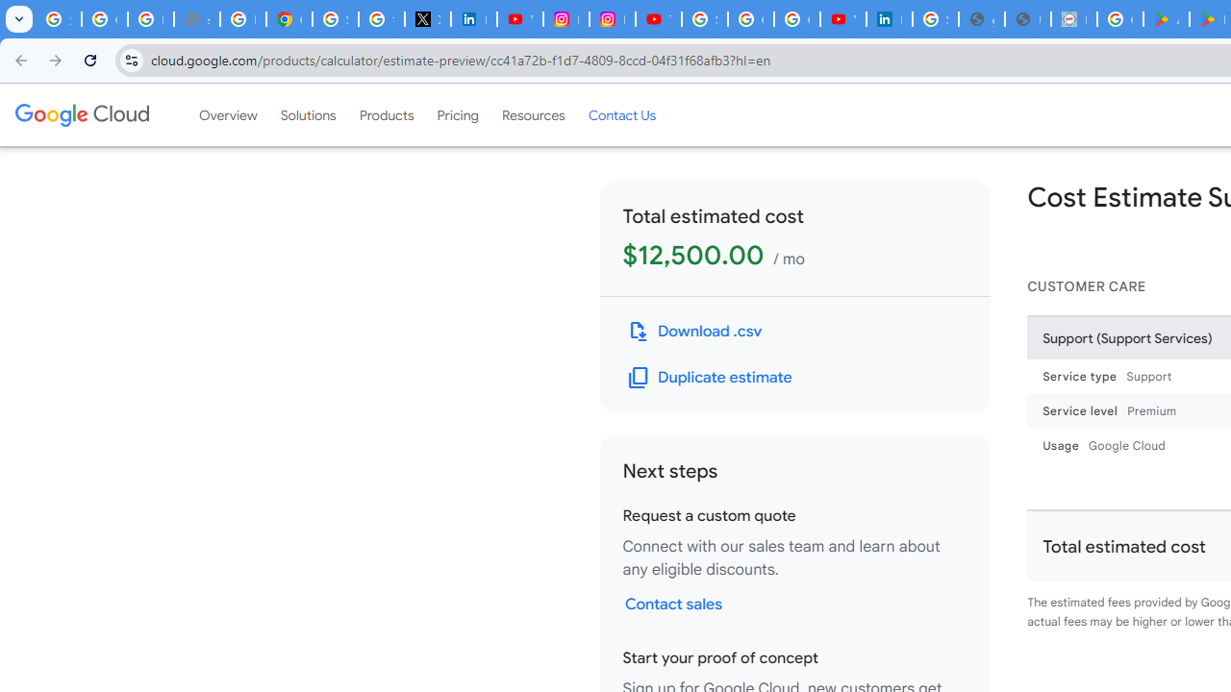  What do you see at coordinates (426, 19) in the screenshot?
I see `'X'` at bounding box center [426, 19].